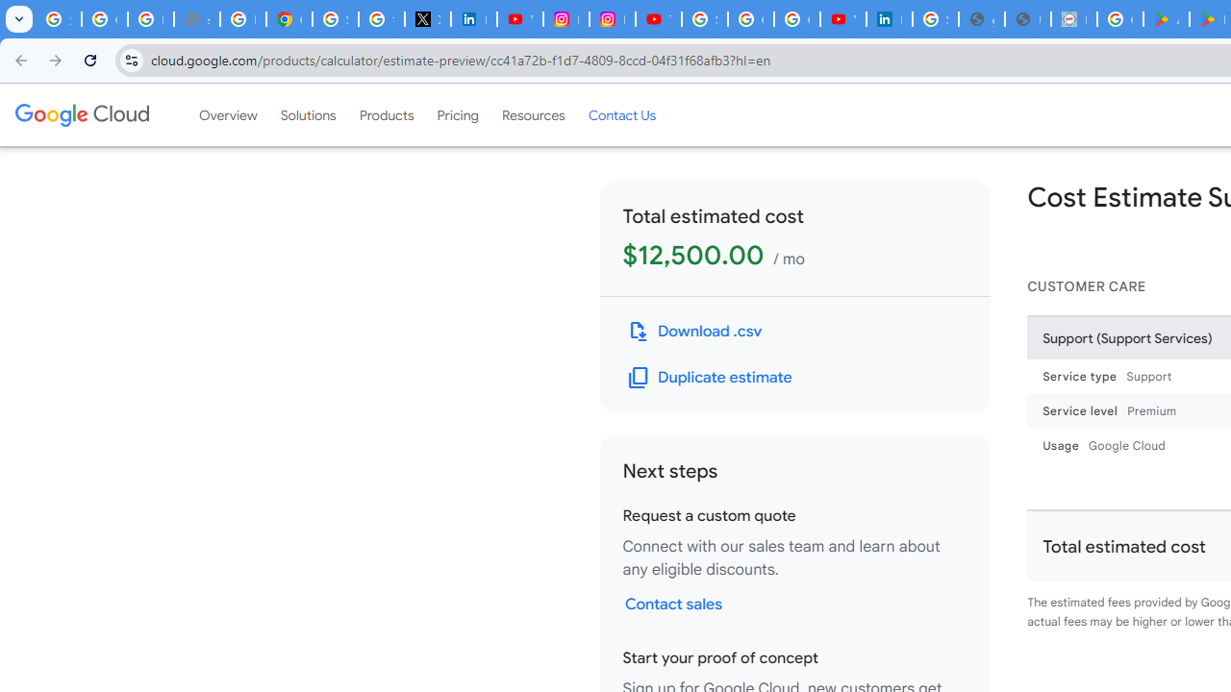  What do you see at coordinates (426, 19) in the screenshot?
I see `'X'` at bounding box center [426, 19].